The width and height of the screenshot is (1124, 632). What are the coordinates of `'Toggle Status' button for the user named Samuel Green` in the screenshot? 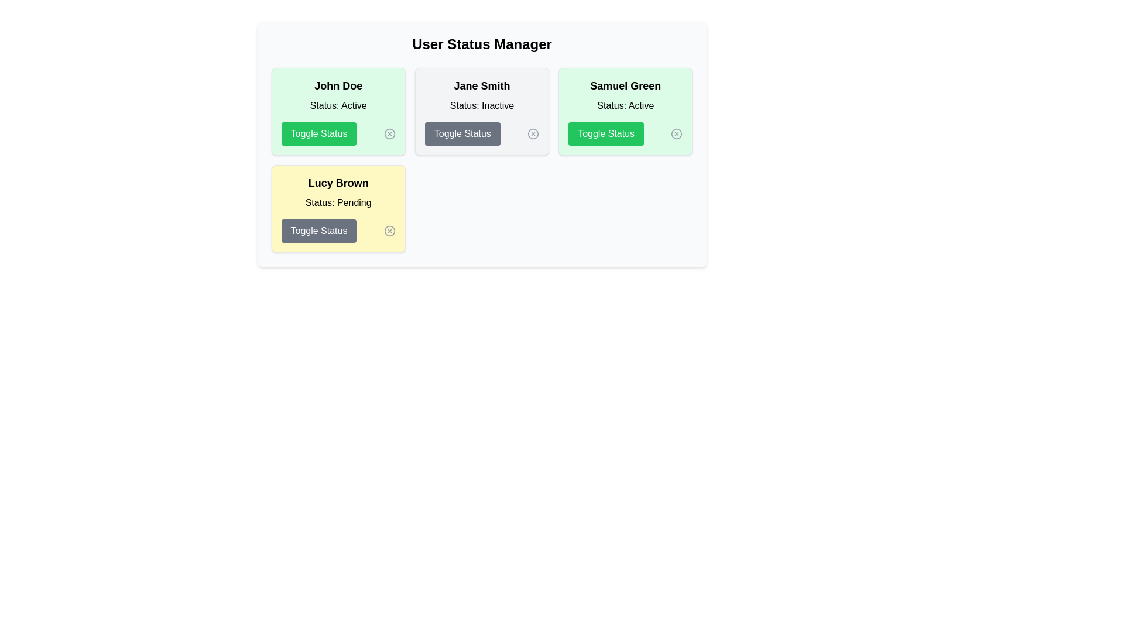 It's located at (606, 133).